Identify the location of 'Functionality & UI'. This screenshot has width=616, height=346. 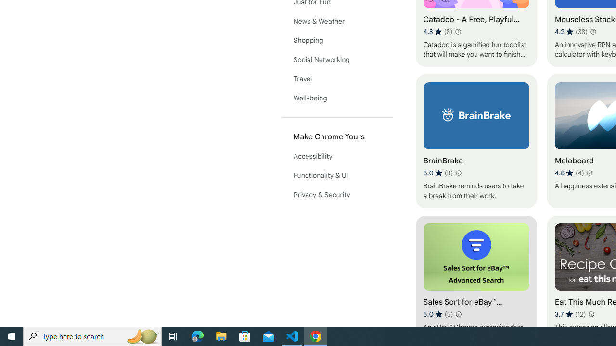
(337, 175).